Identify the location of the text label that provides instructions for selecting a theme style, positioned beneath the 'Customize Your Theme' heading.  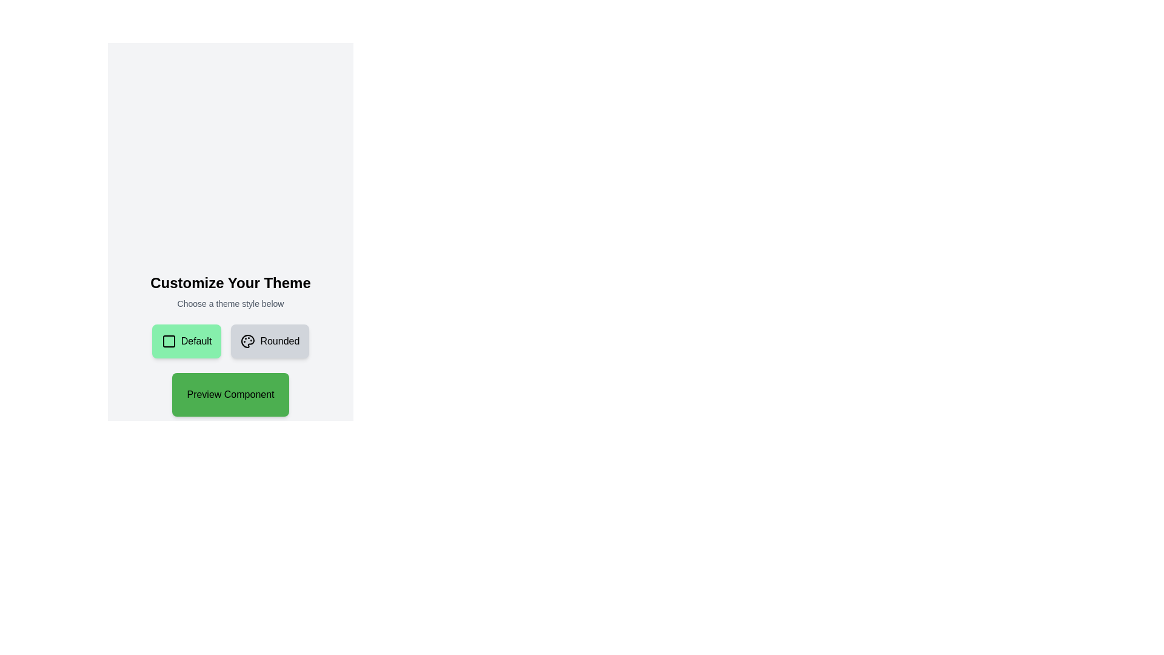
(230, 303).